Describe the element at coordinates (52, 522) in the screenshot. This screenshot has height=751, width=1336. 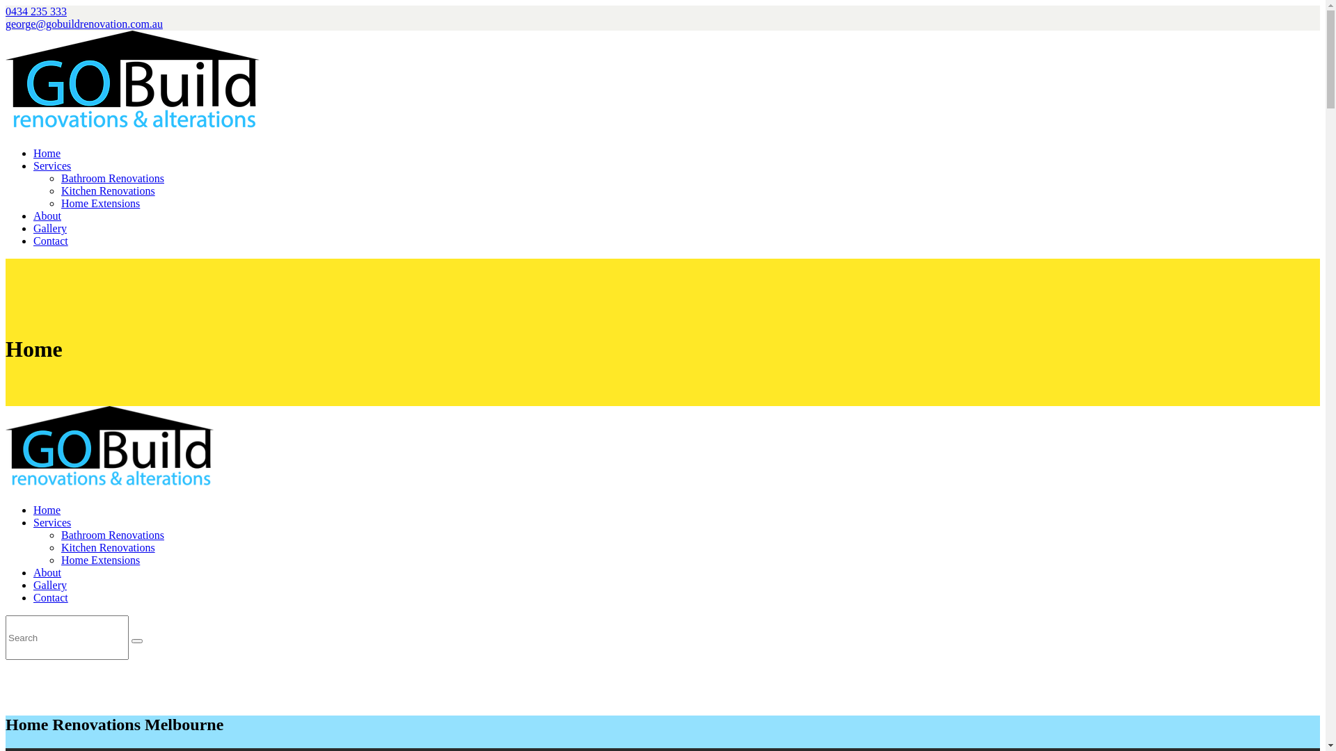
I see `'Services'` at that location.